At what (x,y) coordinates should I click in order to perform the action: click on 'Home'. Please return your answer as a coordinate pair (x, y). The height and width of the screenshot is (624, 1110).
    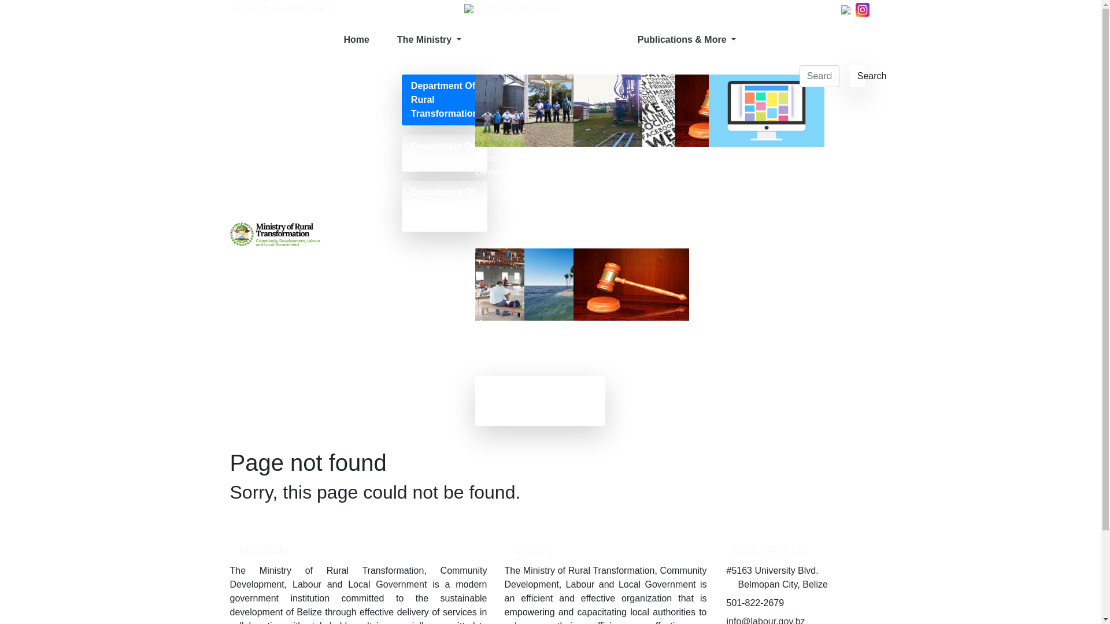
    Looking at the image, I should click on (355, 39).